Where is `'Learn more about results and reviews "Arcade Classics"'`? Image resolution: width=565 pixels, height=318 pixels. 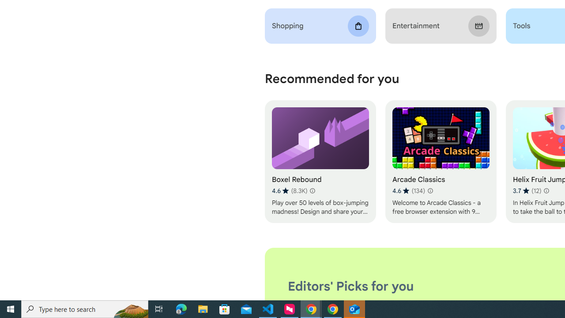
'Learn more about results and reviews "Arcade Classics"' is located at coordinates (430, 190).